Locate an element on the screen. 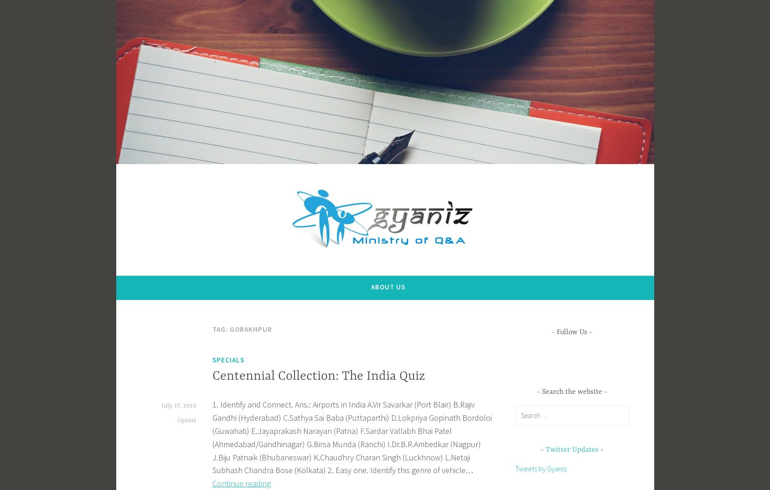 The height and width of the screenshot is (490, 770). 'About Us' is located at coordinates (388, 286).